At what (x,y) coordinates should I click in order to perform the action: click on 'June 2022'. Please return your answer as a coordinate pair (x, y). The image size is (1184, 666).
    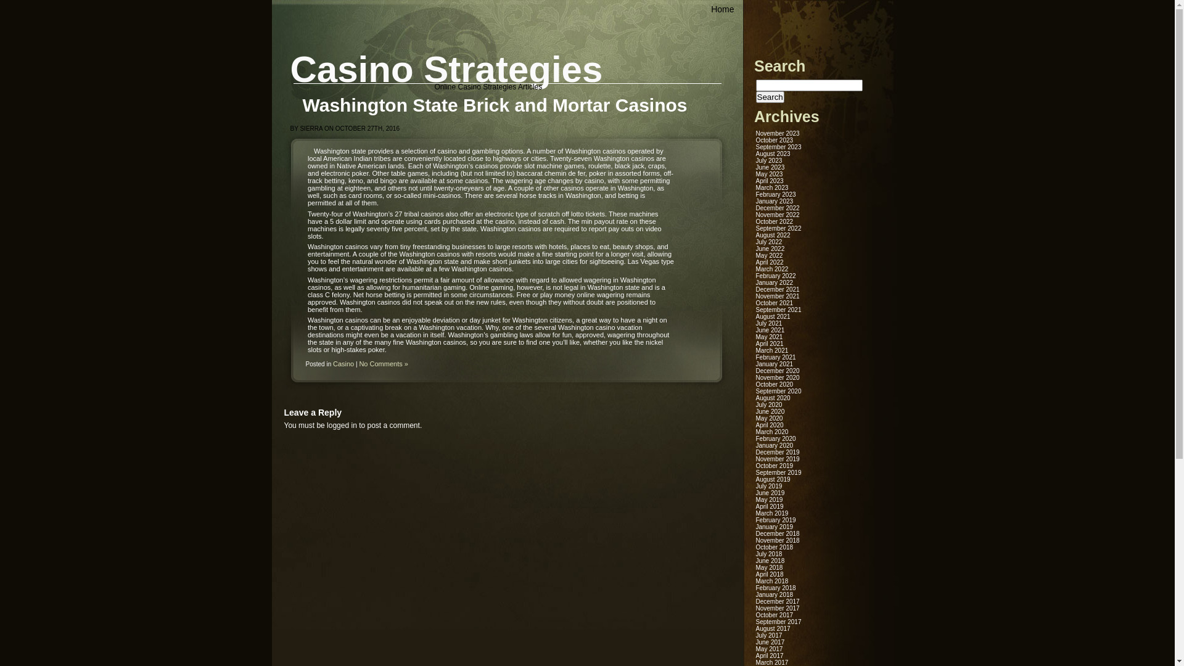
    Looking at the image, I should click on (755, 249).